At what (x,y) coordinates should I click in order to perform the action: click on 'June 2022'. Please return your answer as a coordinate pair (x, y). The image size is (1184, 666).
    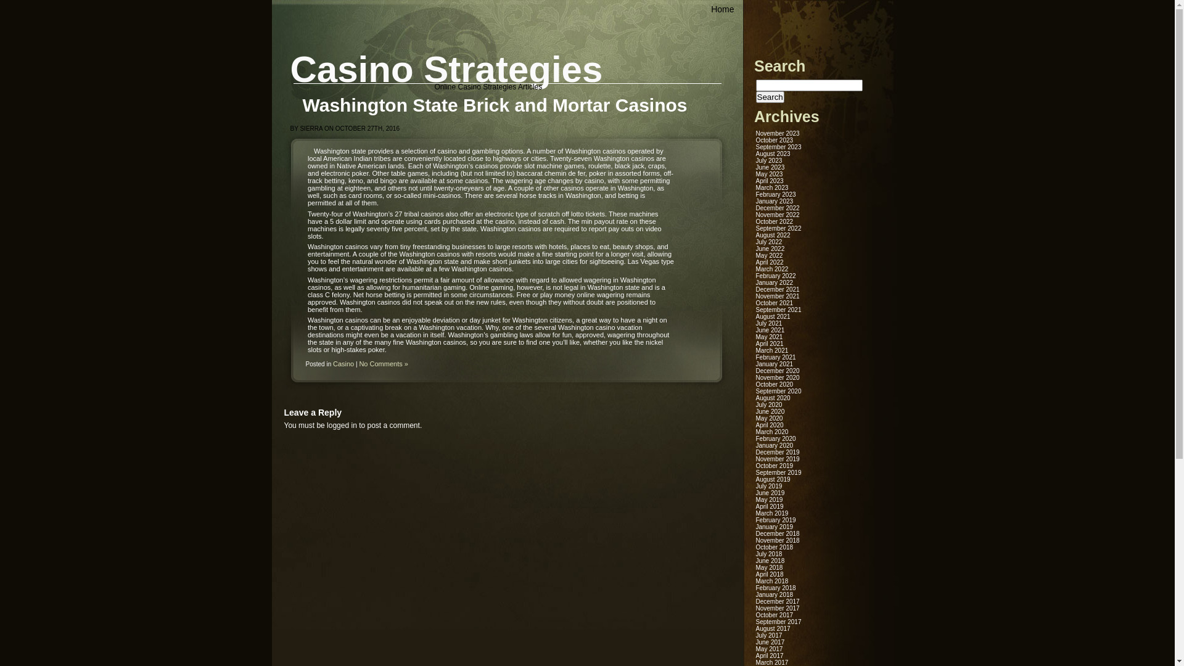
    Looking at the image, I should click on (755, 249).